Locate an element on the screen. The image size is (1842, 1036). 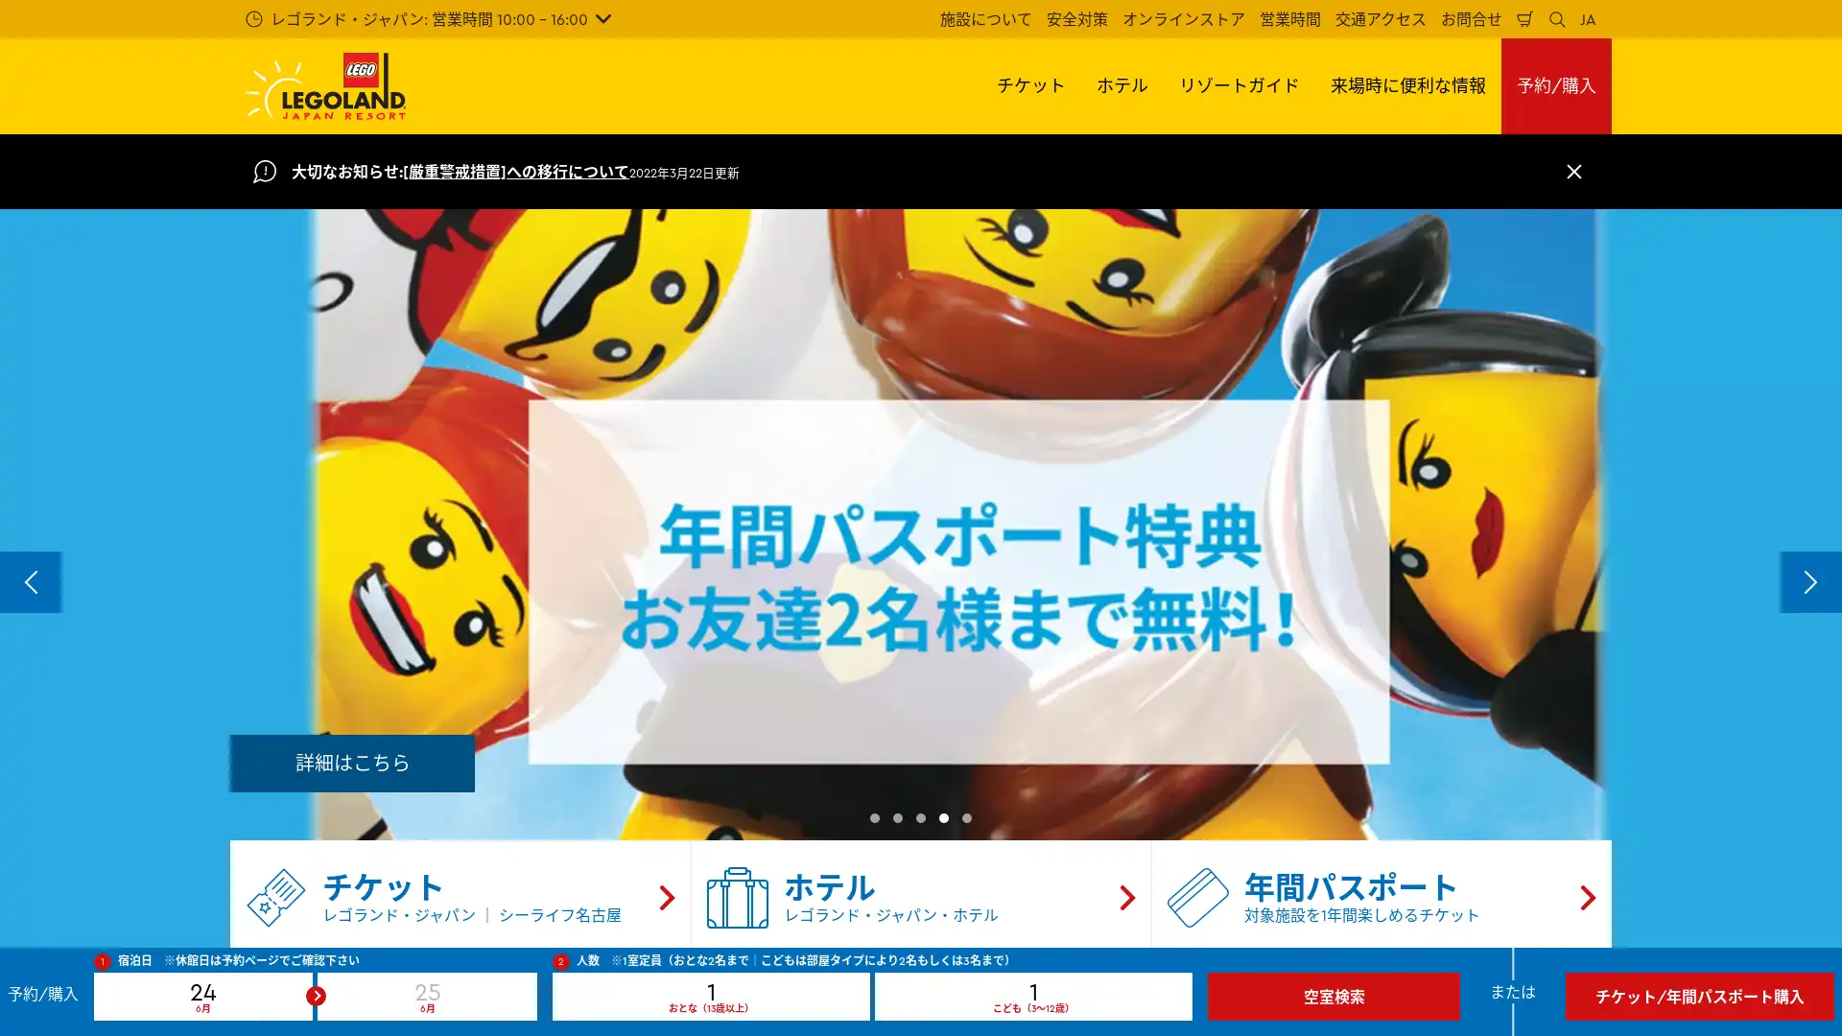
Go to slide 2 is located at coordinates (897, 817).